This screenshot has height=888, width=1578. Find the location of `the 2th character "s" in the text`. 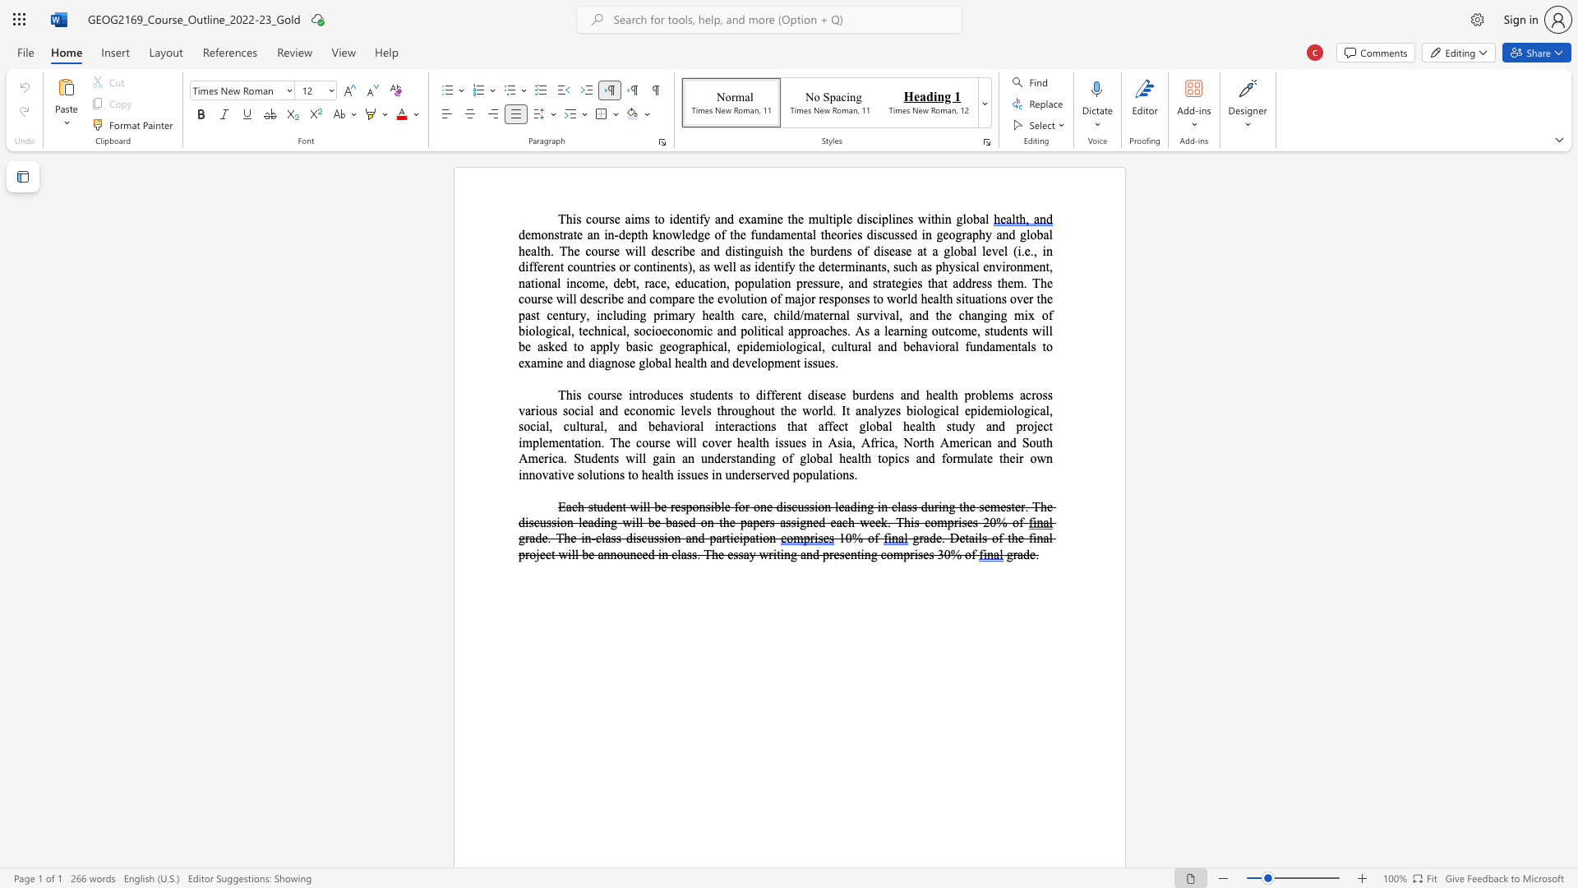

the 2th character "s" in the text is located at coordinates (910, 218).